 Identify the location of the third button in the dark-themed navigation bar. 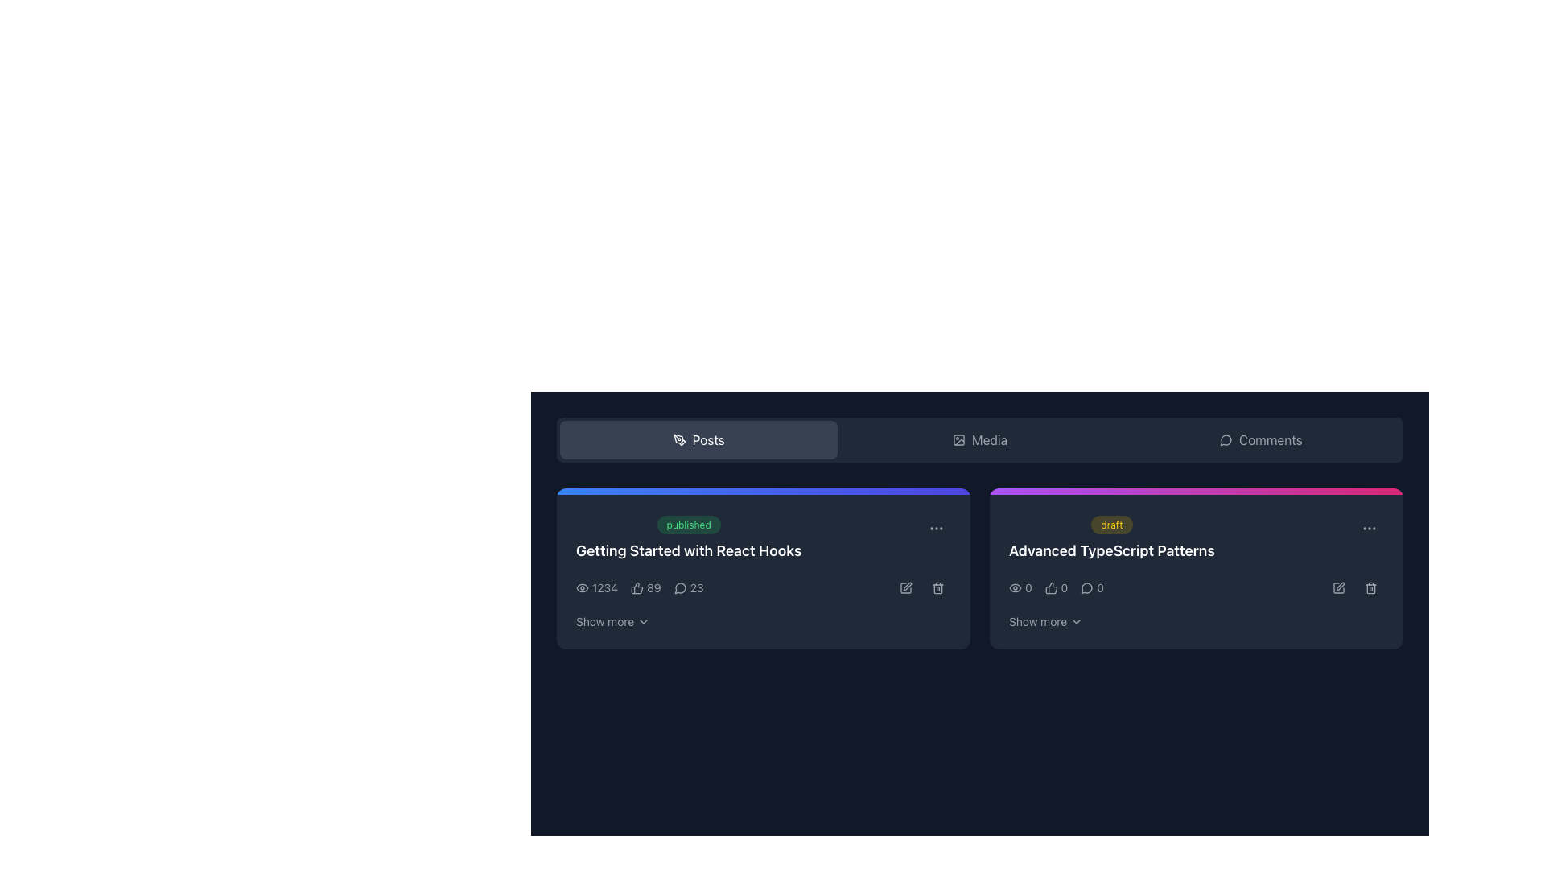
(1260, 440).